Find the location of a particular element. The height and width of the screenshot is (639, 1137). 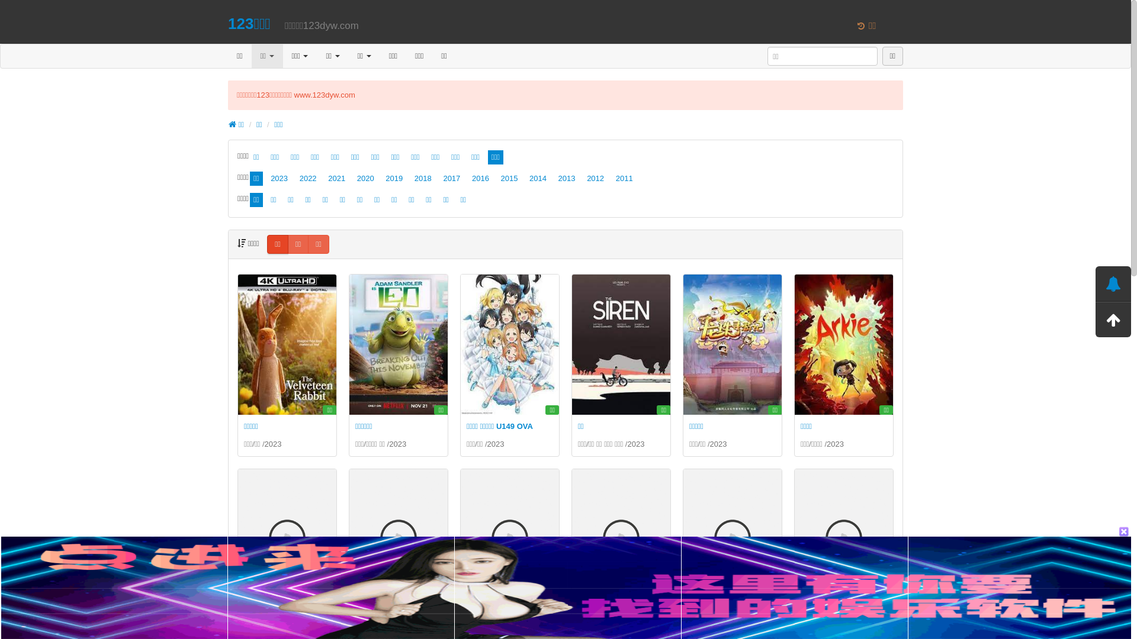

'2019' is located at coordinates (386, 178).